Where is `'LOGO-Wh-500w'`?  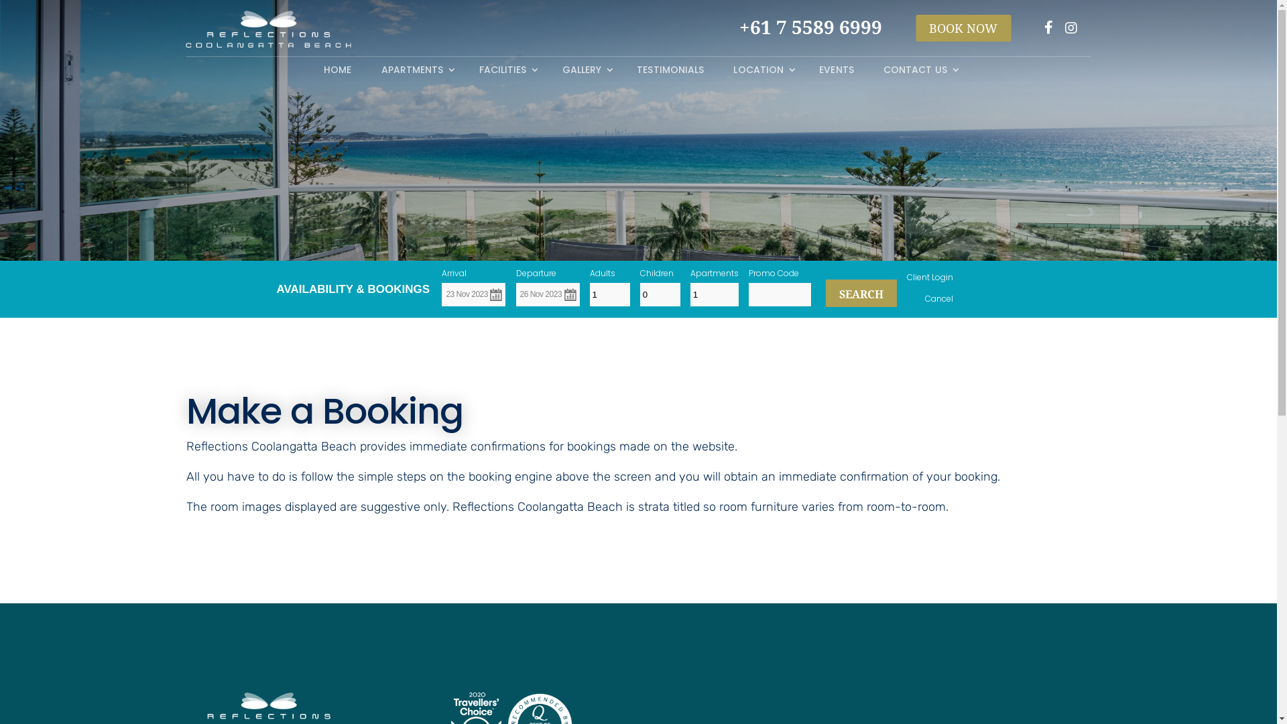 'LOGO-Wh-500w' is located at coordinates (268, 29).